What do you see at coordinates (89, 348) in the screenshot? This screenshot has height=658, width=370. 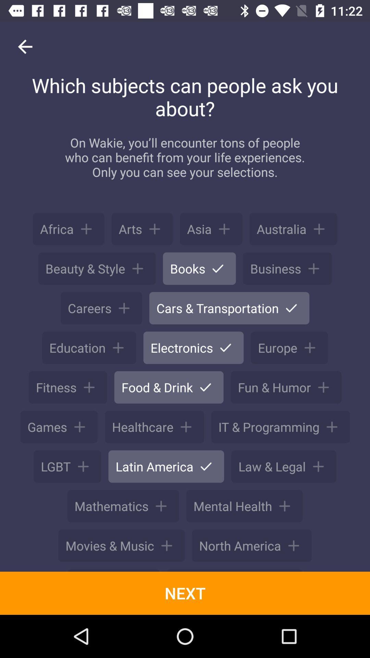 I see `the button on left of electronics` at bounding box center [89, 348].